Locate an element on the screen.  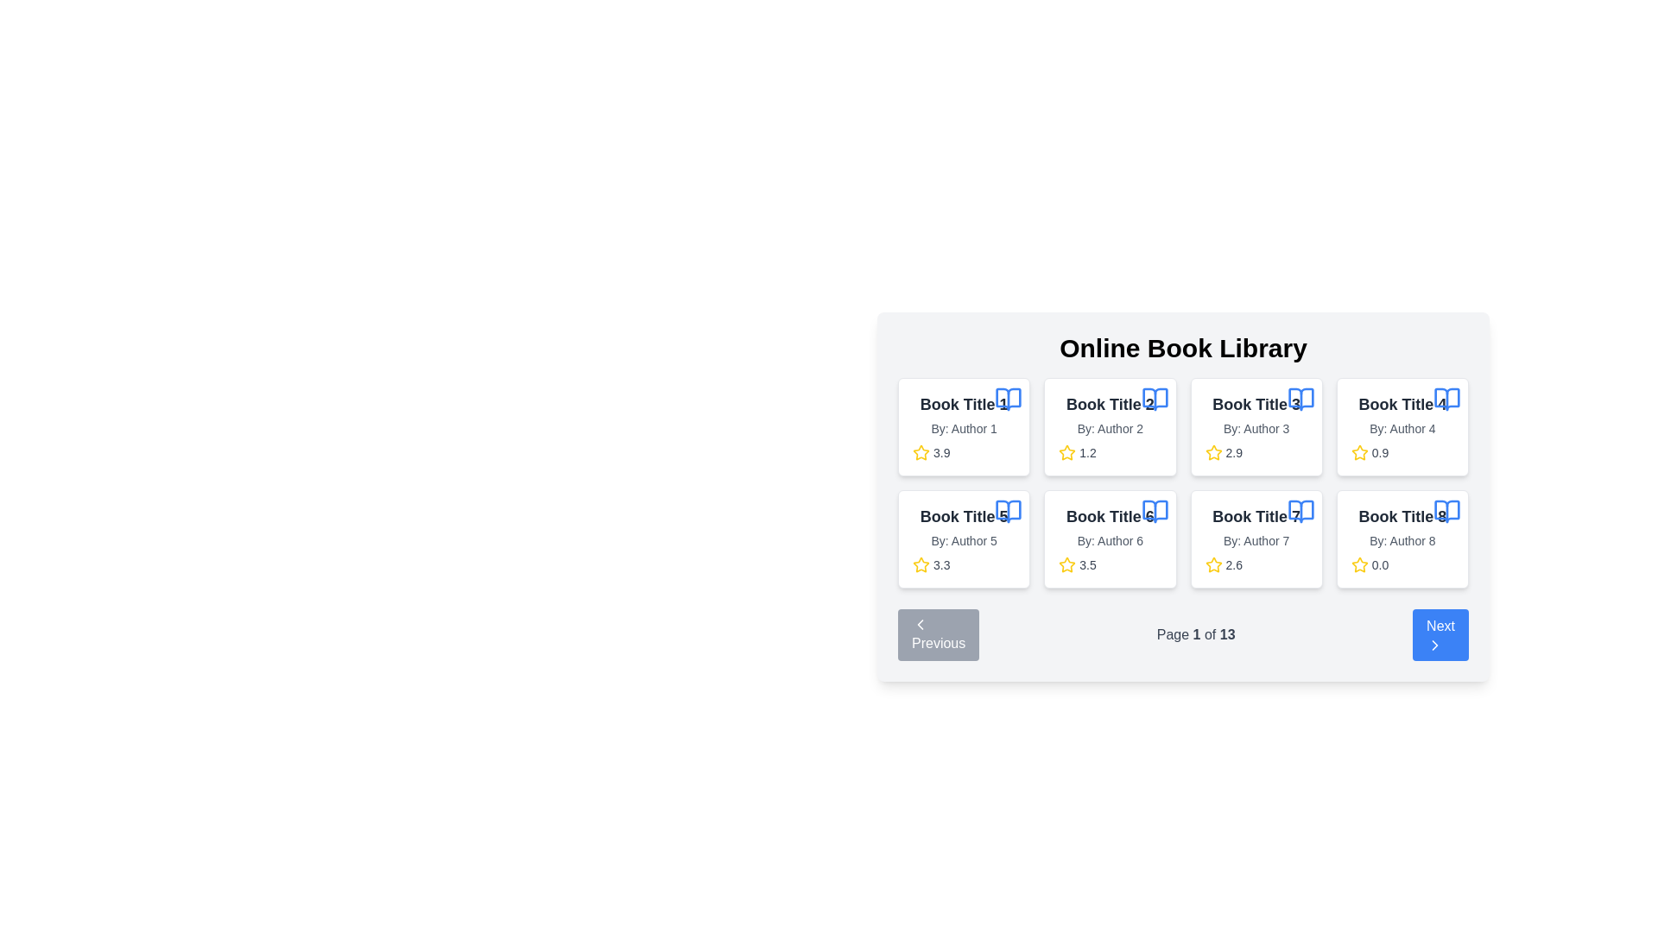
the SVG chevron icon pointing left, which is centrally aligned within the 'Previous' button located at the bottom-left of the paging controls is located at coordinates (919, 625).